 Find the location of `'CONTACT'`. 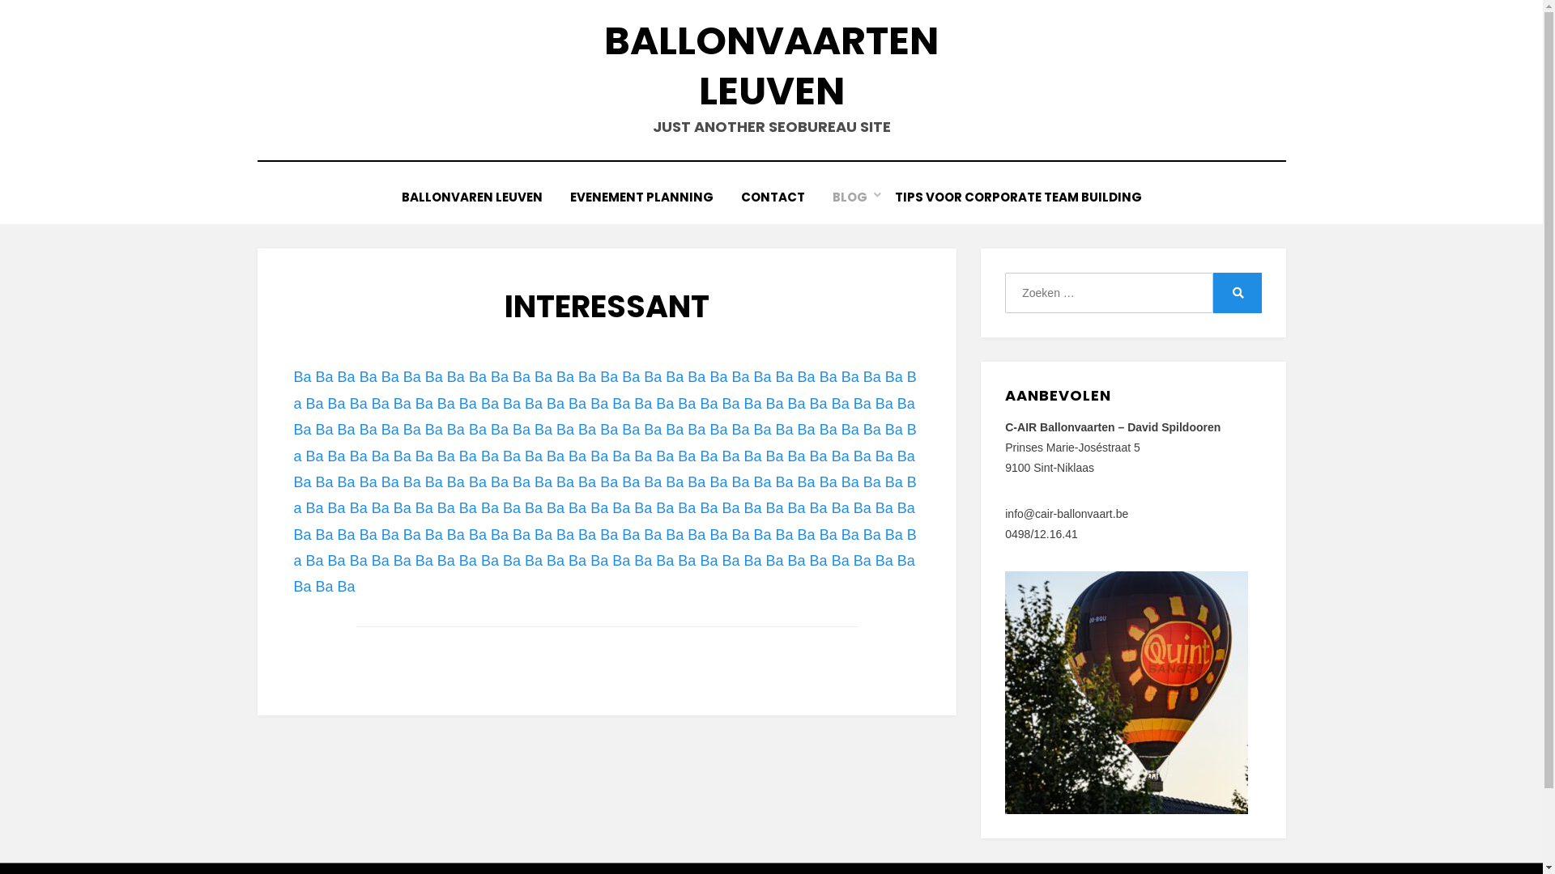

'CONTACT' is located at coordinates (772, 196).